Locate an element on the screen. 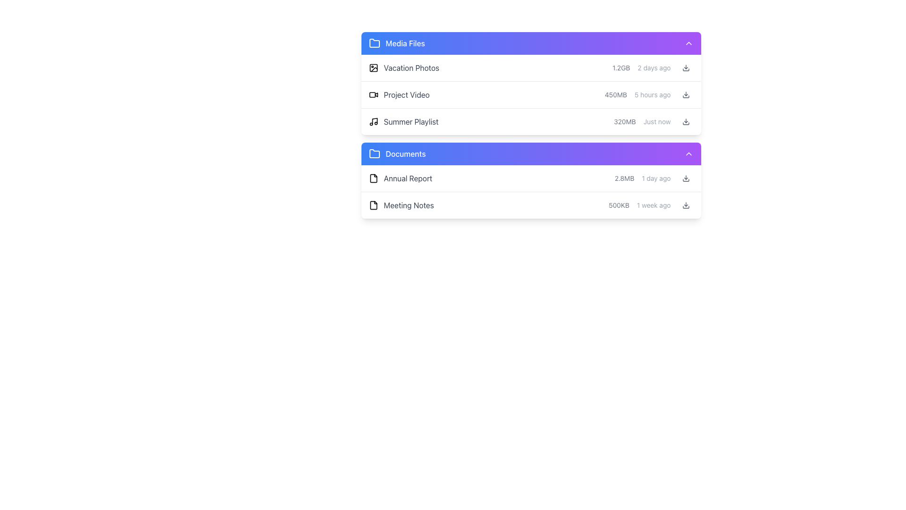 The height and width of the screenshot is (510, 906). the text label with the video camera icon labeled 'Project Video' in the 'Media Files' section, located in the second row, between 'Vacation Photos' and 'Summer Playlist' is located at coordinates (399, 94).